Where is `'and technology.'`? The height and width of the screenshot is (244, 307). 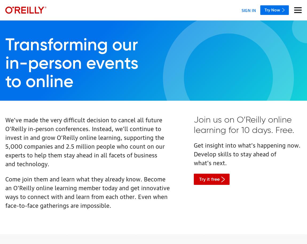
'and technology.' is located at coordinates (27, 163).